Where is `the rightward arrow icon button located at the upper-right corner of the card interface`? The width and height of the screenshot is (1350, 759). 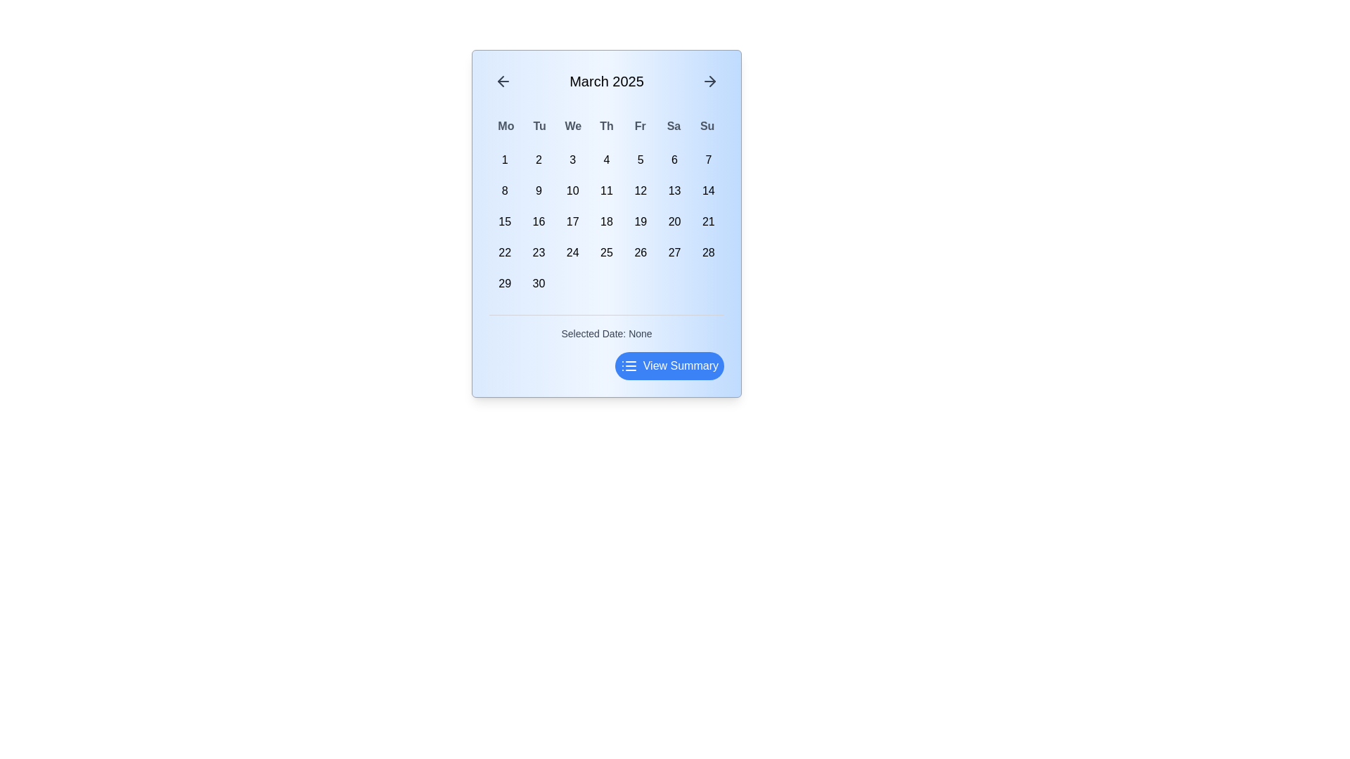
the rightward arrow icon button located at the upper-right corner of the card interface is located at coordinates (709, 81).